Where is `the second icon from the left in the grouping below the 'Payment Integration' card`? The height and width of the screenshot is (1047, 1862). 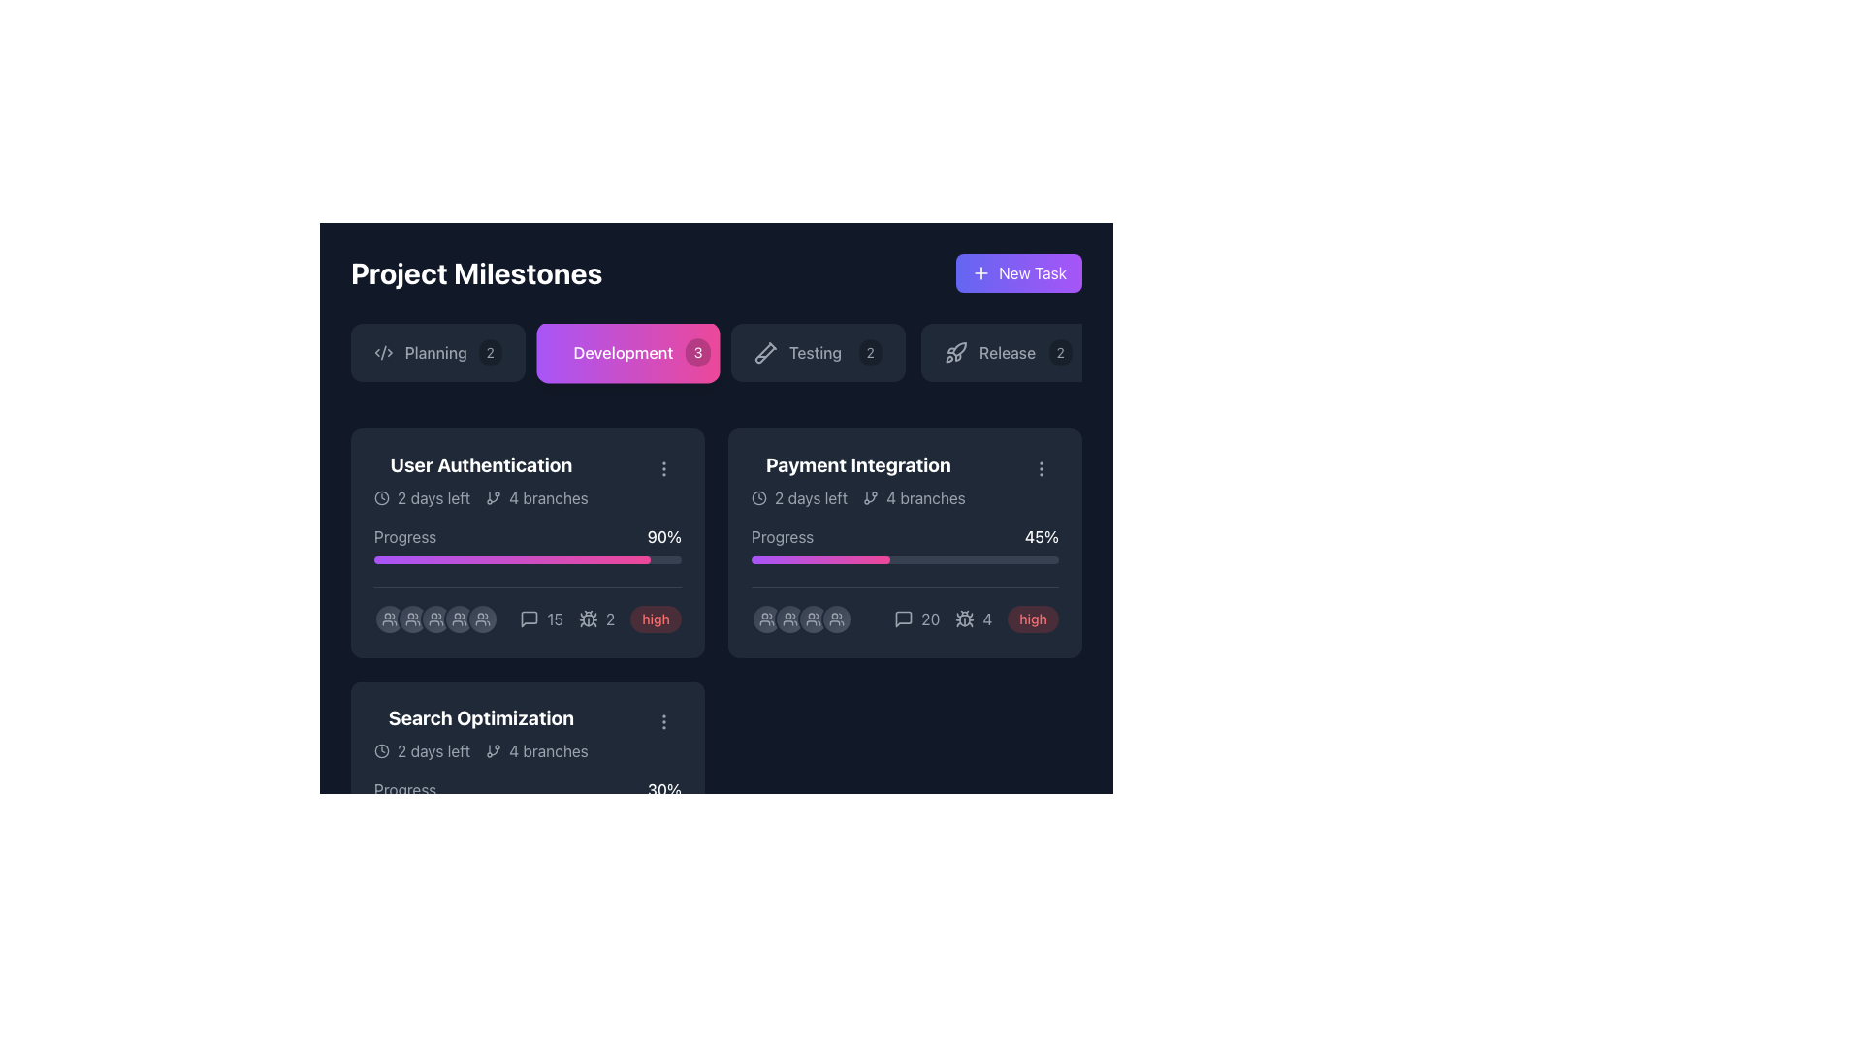
the second icon from the left in the grouping below the 'Payment Integration' card is located at coordinates (814, 619).